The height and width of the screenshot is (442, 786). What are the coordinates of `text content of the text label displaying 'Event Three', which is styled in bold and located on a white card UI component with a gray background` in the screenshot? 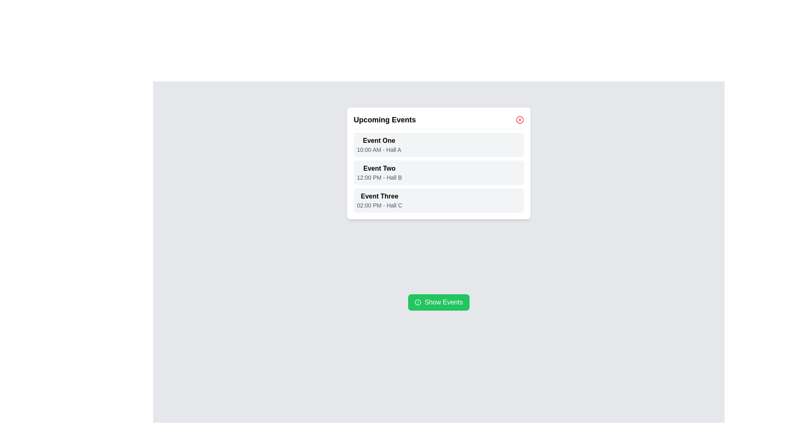 It's located at (379, 196).